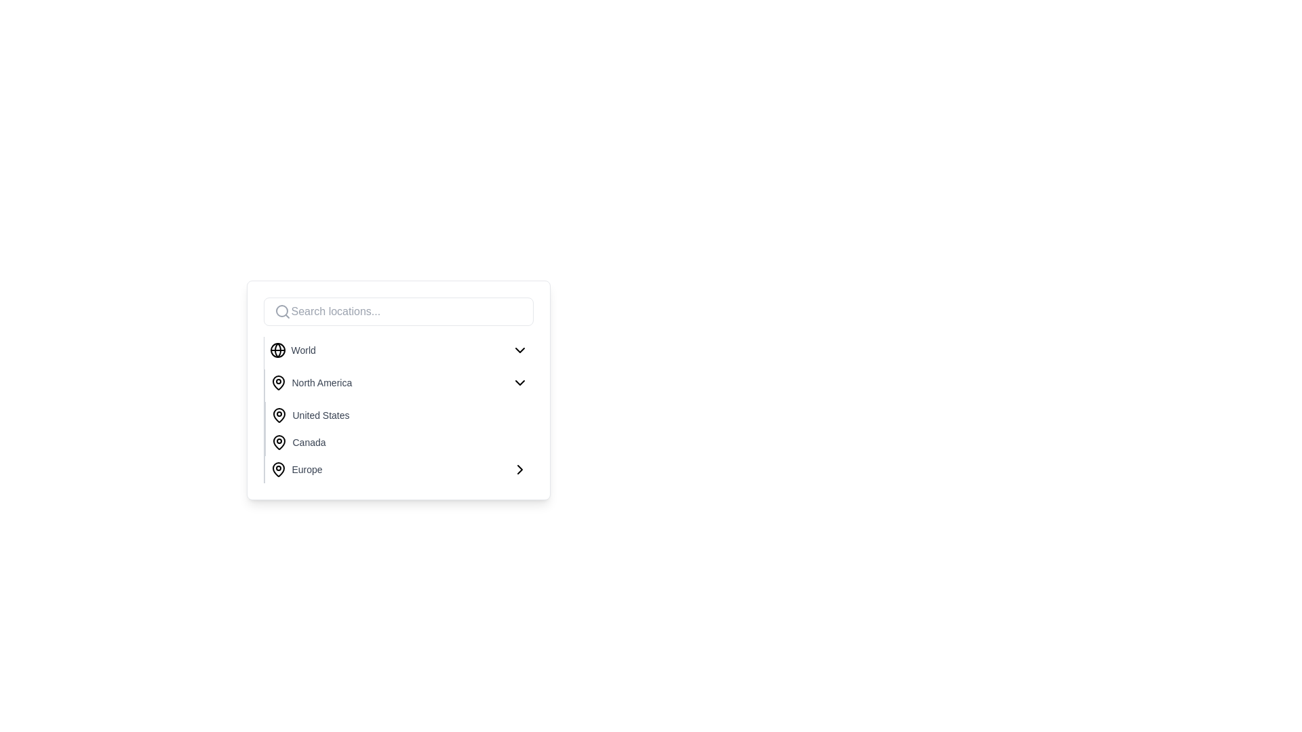  Describe the element at coordinates (310, 382) in the screenshot. I see `the 'North America' menu item, which is represented by a location pin icon followed by the text styled in gray, positioned as the second option in the dropdown under 'World'` at that location.